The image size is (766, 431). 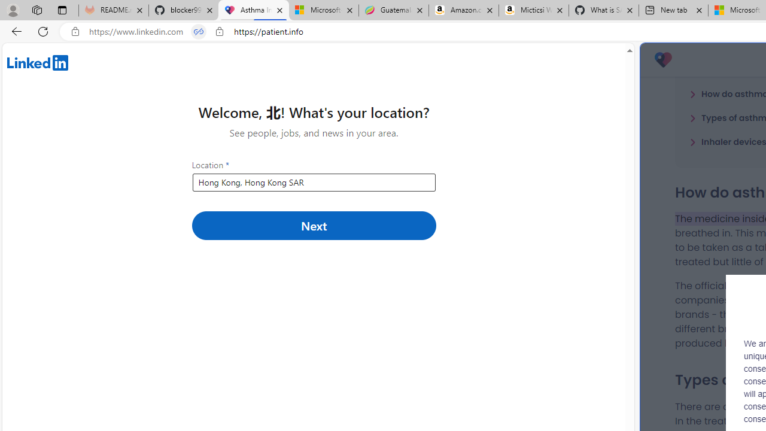 I want to click on 'Patient 3.0', so click(x=662, y=60).